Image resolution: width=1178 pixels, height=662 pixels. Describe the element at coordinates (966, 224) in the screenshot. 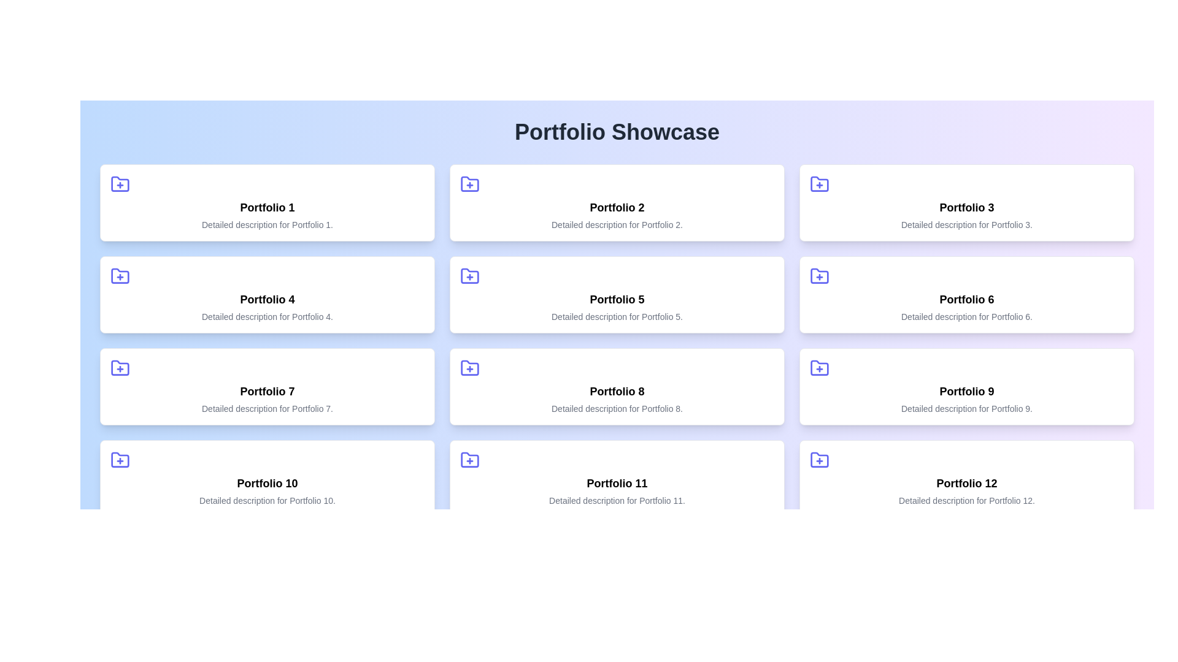

I see `the text element that reads 'Detailed description for Portfolio 3.' which is styled in small, gray font and located within the card of Portfolio 3, positioned below the title` at that location.